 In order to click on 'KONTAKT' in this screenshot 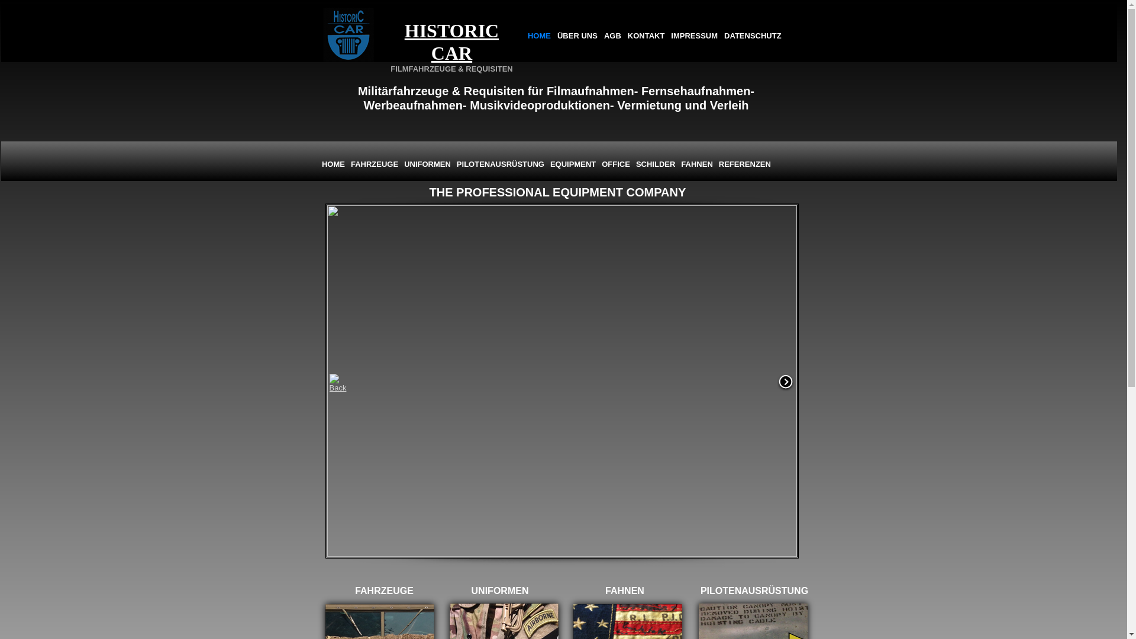, I will do `click(624, 35)`.